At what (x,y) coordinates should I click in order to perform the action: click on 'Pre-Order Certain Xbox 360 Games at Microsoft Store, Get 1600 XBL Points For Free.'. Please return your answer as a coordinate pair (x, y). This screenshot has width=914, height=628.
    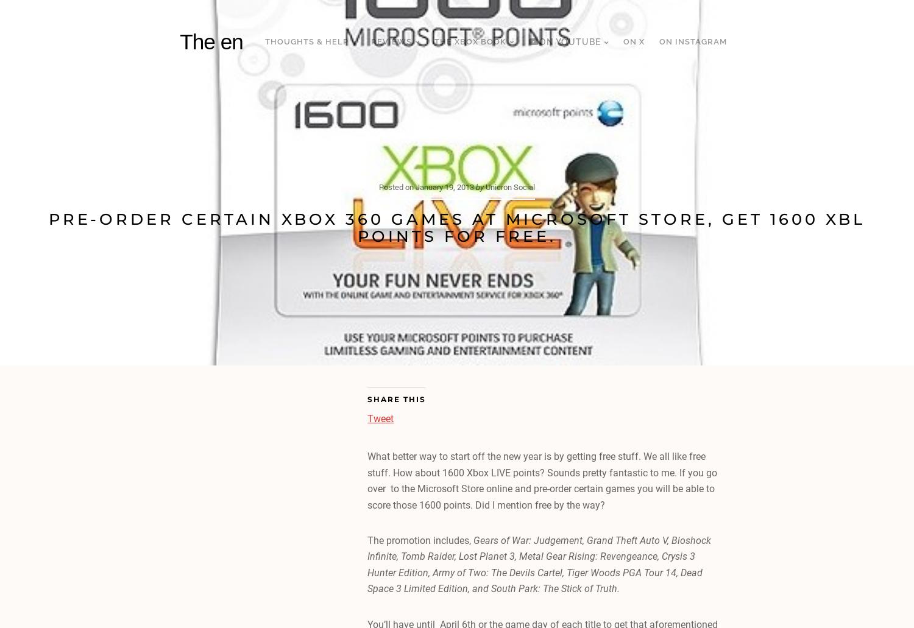
    Looking at the image, I should click on (457, 227).